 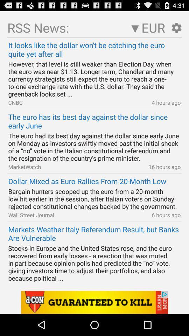 What do you see at coordinates (94, 302) in the screenshot?
I see `banner advertisement` at bounding box center [94, 302].